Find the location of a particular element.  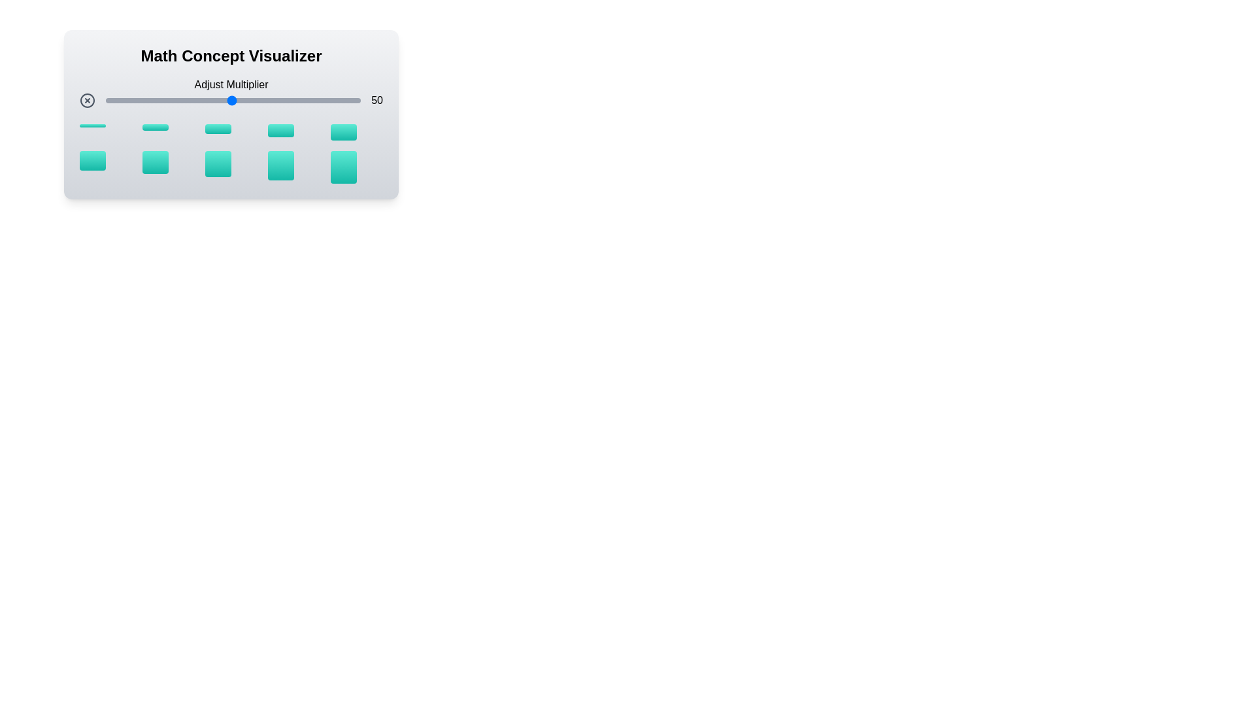

the multiplier slider to set the value to 23 is located at coordinates (161, 100).